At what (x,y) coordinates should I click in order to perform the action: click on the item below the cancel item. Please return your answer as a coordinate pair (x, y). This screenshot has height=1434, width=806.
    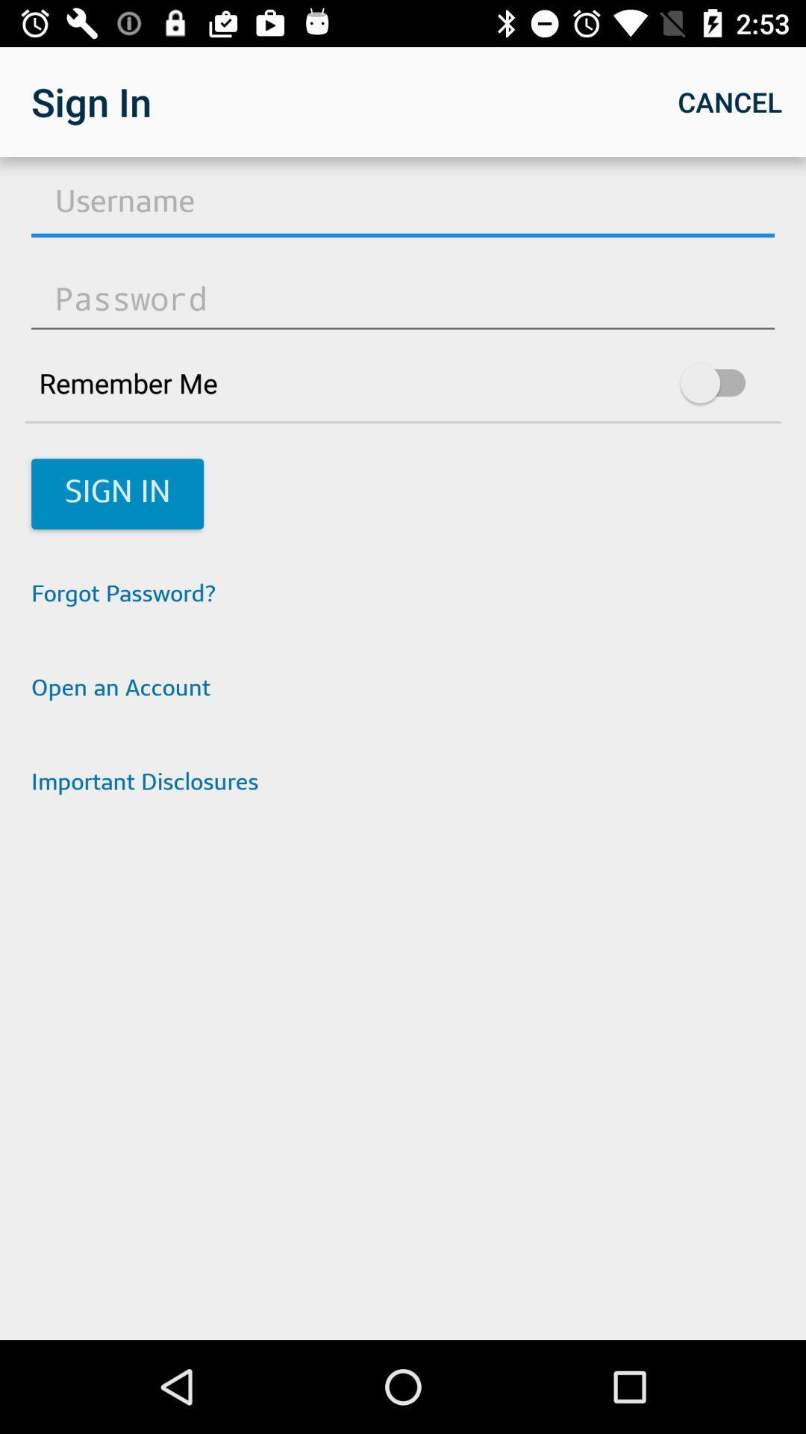
    Looking at the image, I should click on (403, 203).